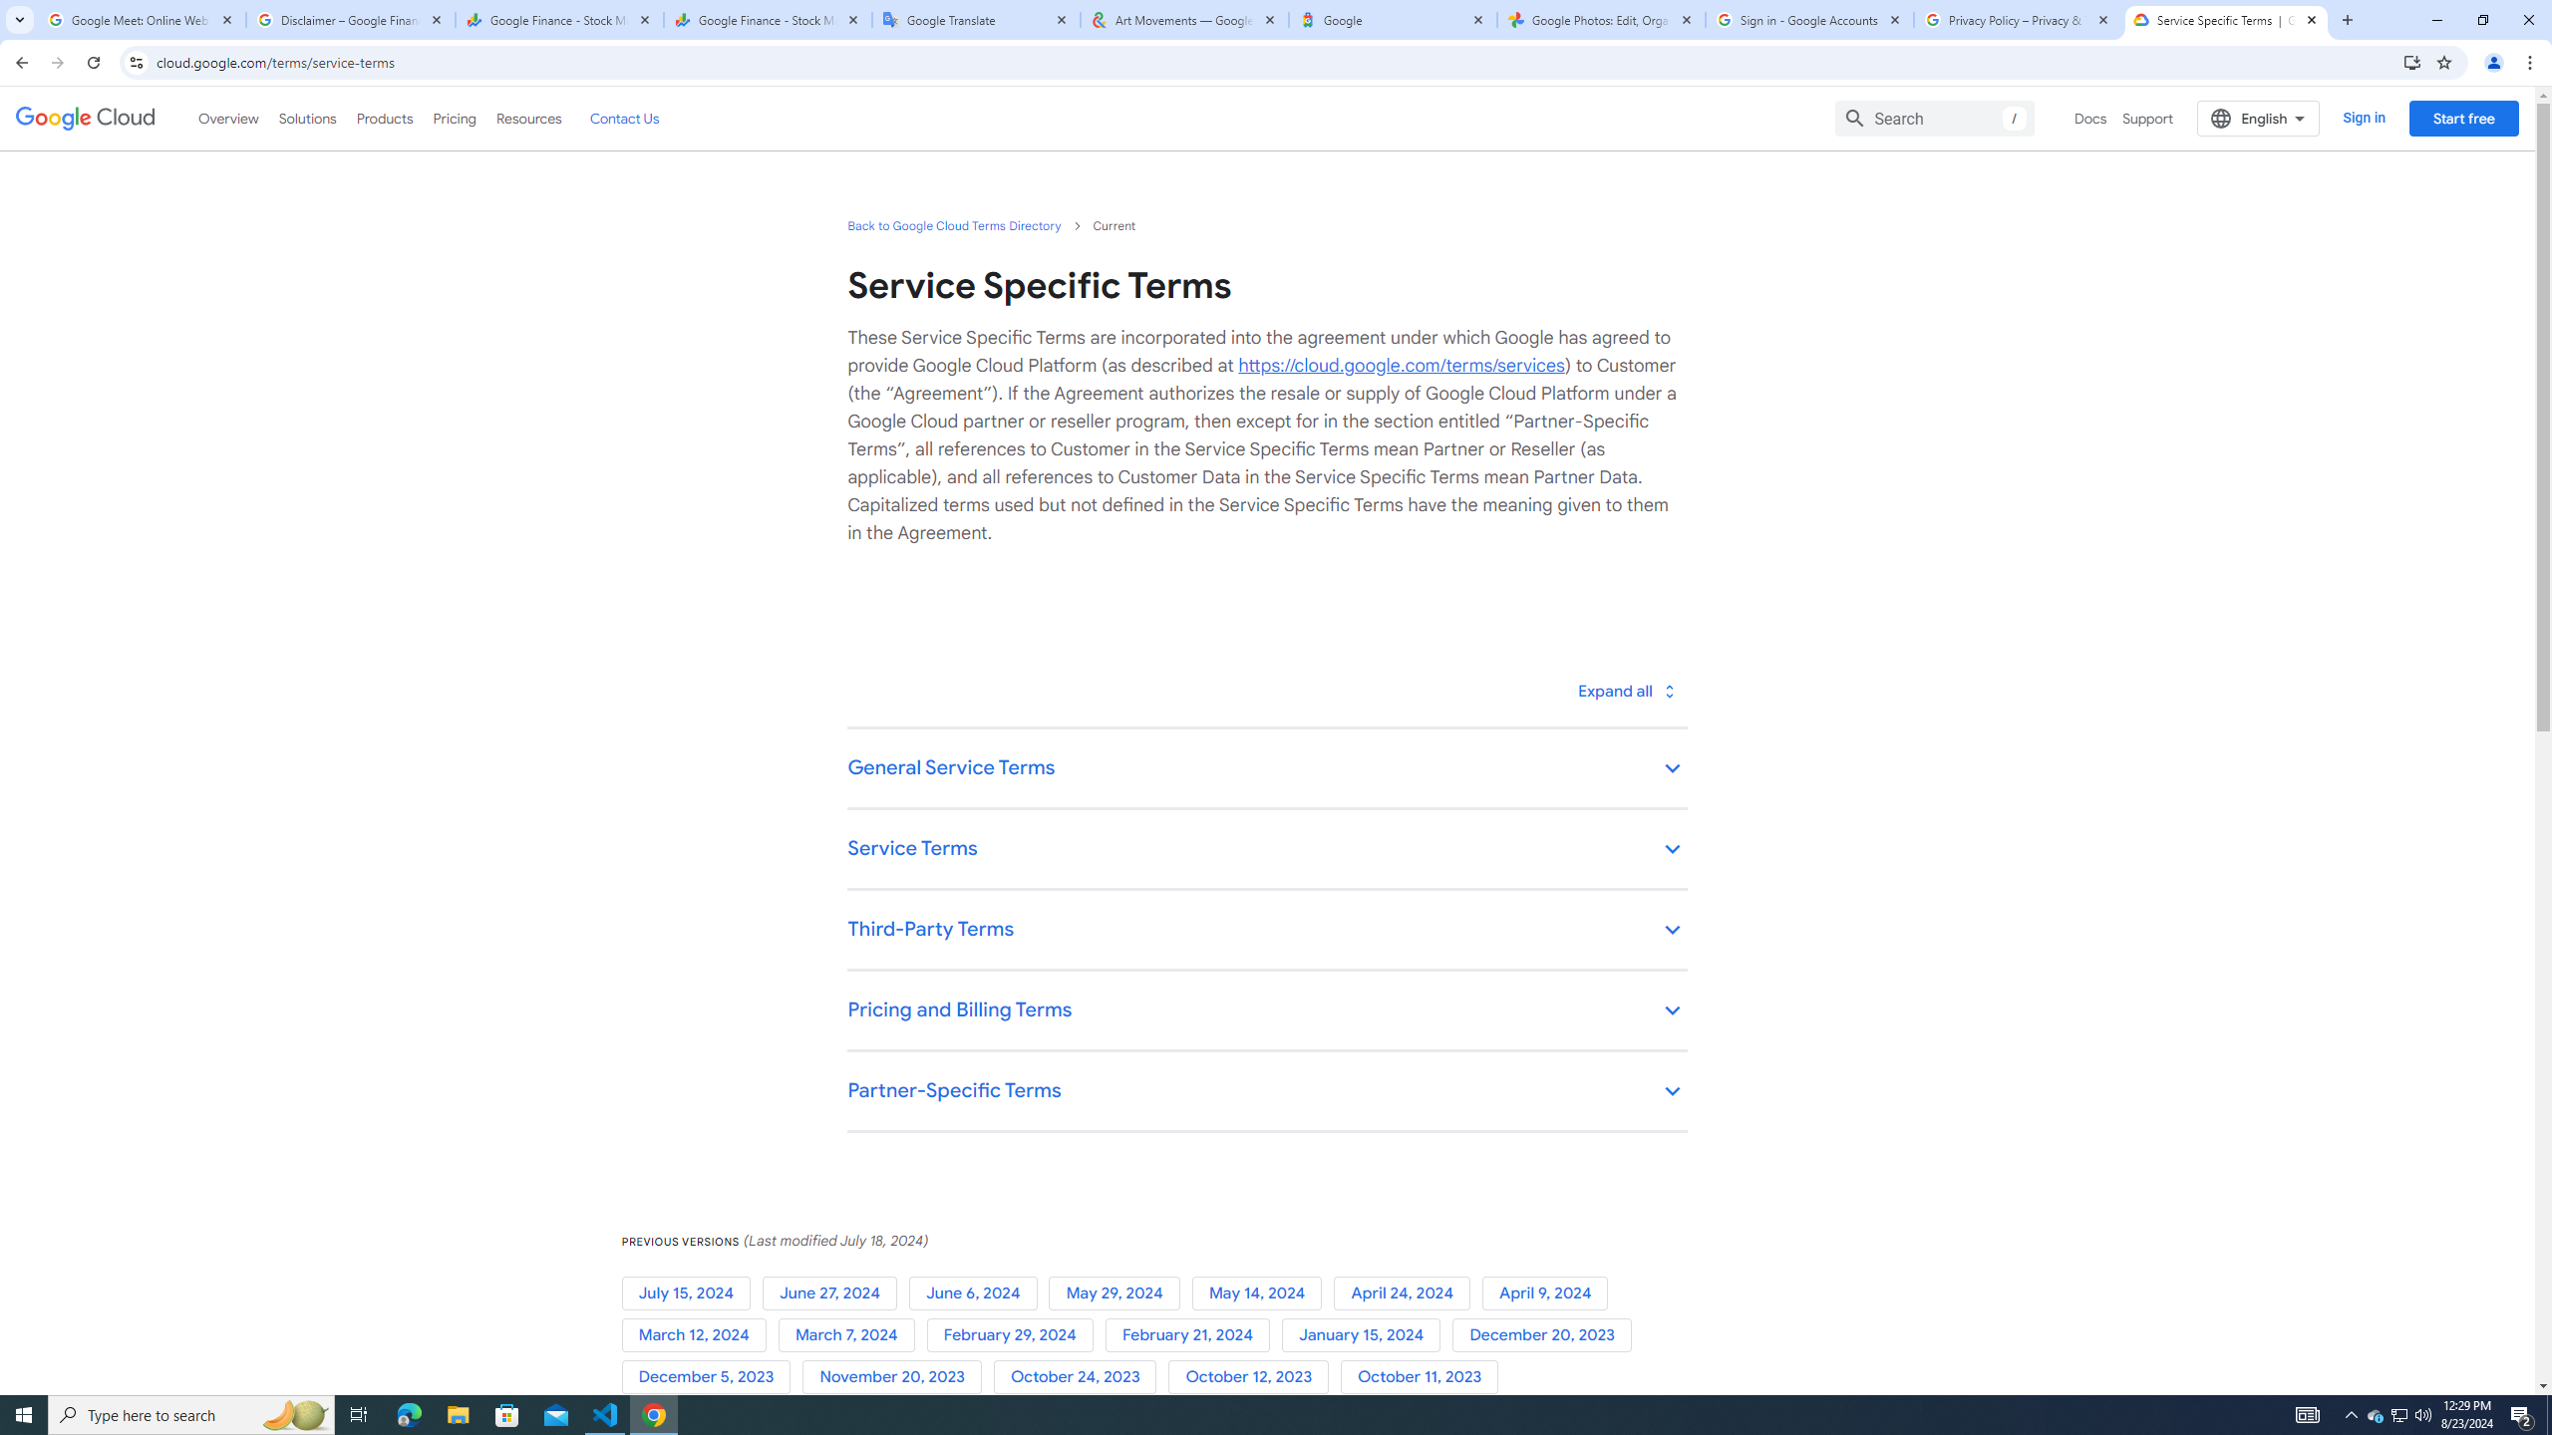 This screenshot has height=1435, width=2552. Describe the element at coordinates (622, 118) in the screenshot. I see `'Contact Us'` at that location.